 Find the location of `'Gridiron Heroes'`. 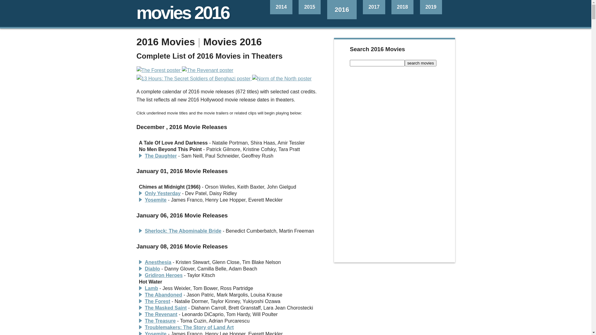

'Gridiron Heroes' is located at coordinates (144, 275).